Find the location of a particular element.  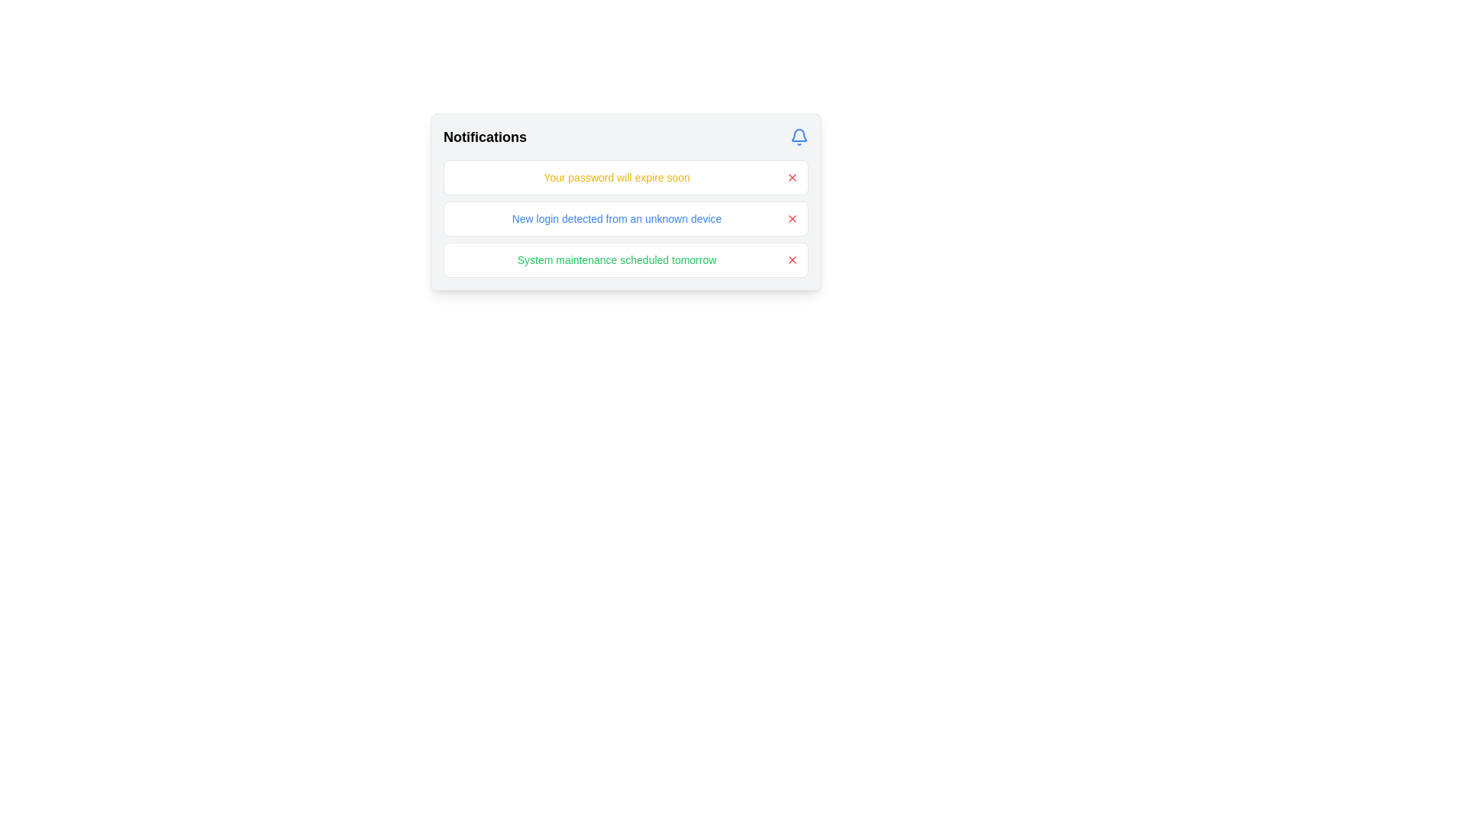

the notification about a new login detected from an unknown device is located at coordinates (626, 218).